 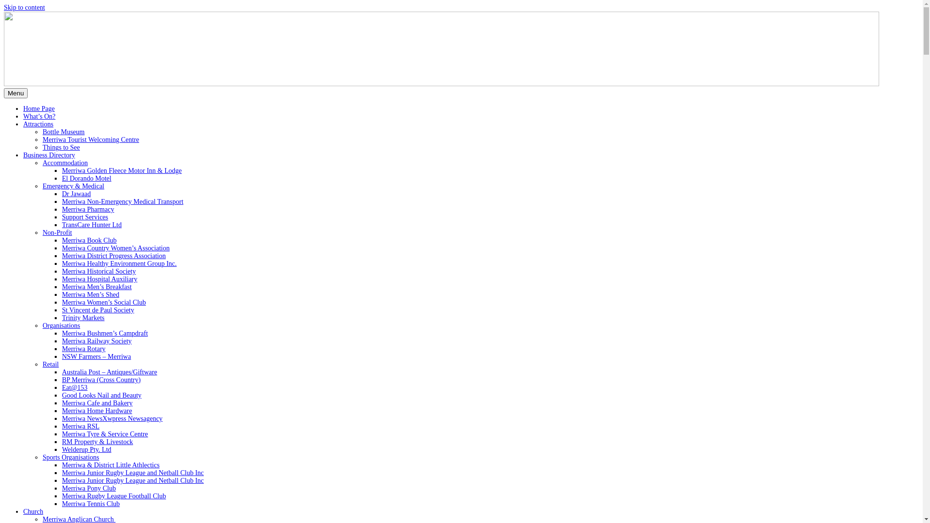 I want to click on 'Merriwa Pharmacy', so click(x=88, y=209).